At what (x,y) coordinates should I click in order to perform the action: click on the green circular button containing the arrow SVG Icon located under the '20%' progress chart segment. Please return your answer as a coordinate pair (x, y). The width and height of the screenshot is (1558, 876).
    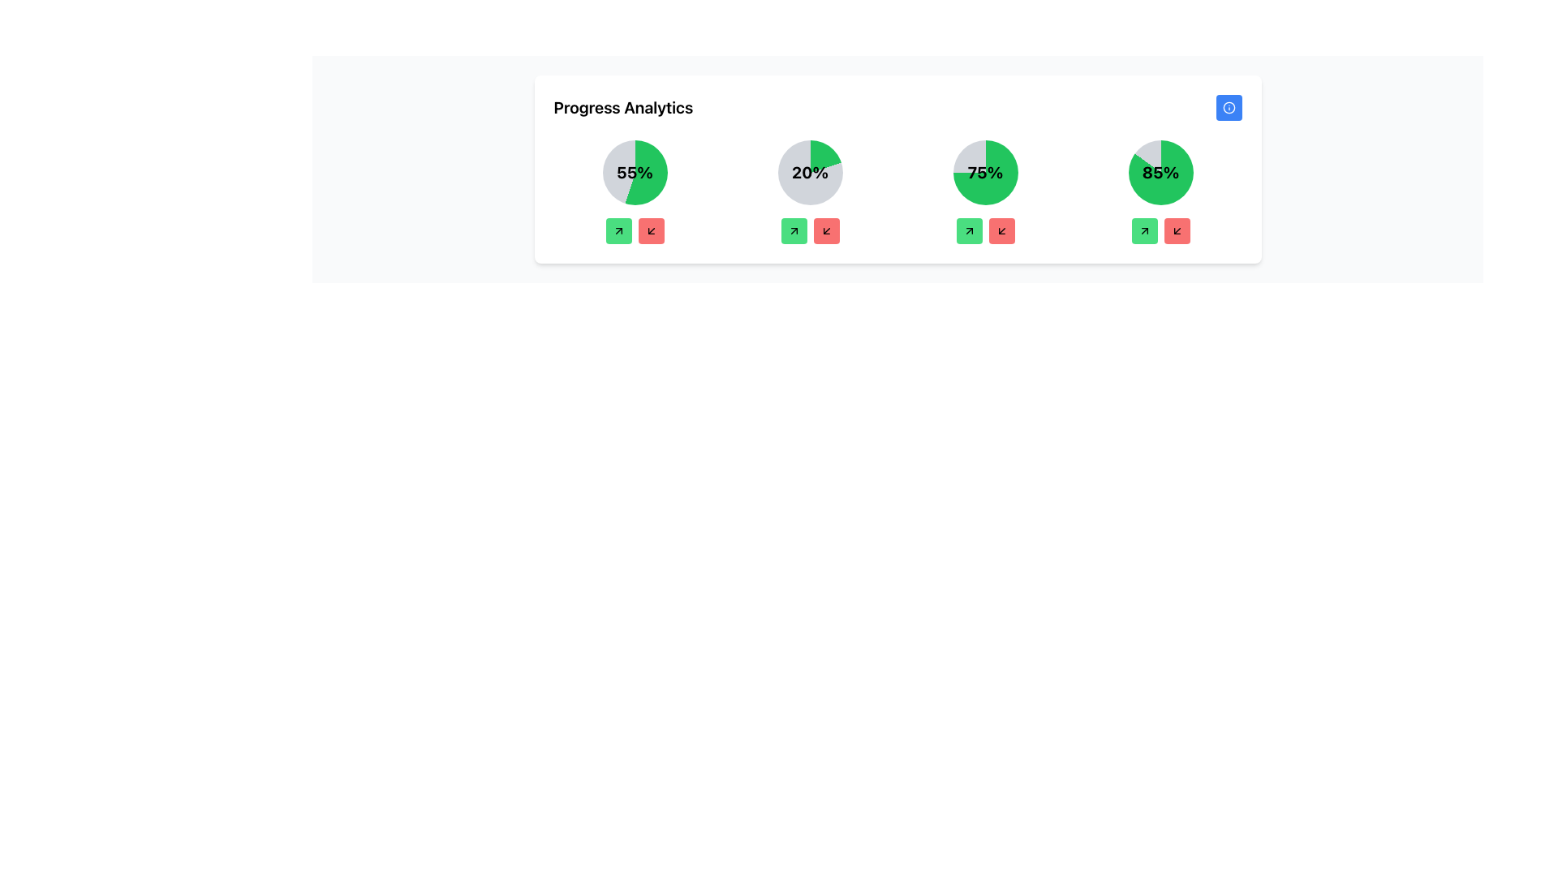
    Looking at the image, I should click on (794, 231).